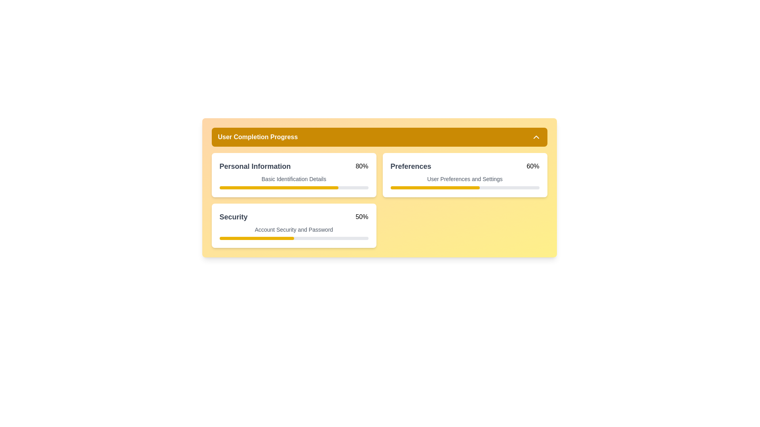 Image resolution: width=760 pixels, height=427 pixels. I want to click on the 'Preferences' text label located in the top-right section of the interface, styled in bold dark gray with a larger font size, adjacent to 'Personal Information.', so click(410, 166).